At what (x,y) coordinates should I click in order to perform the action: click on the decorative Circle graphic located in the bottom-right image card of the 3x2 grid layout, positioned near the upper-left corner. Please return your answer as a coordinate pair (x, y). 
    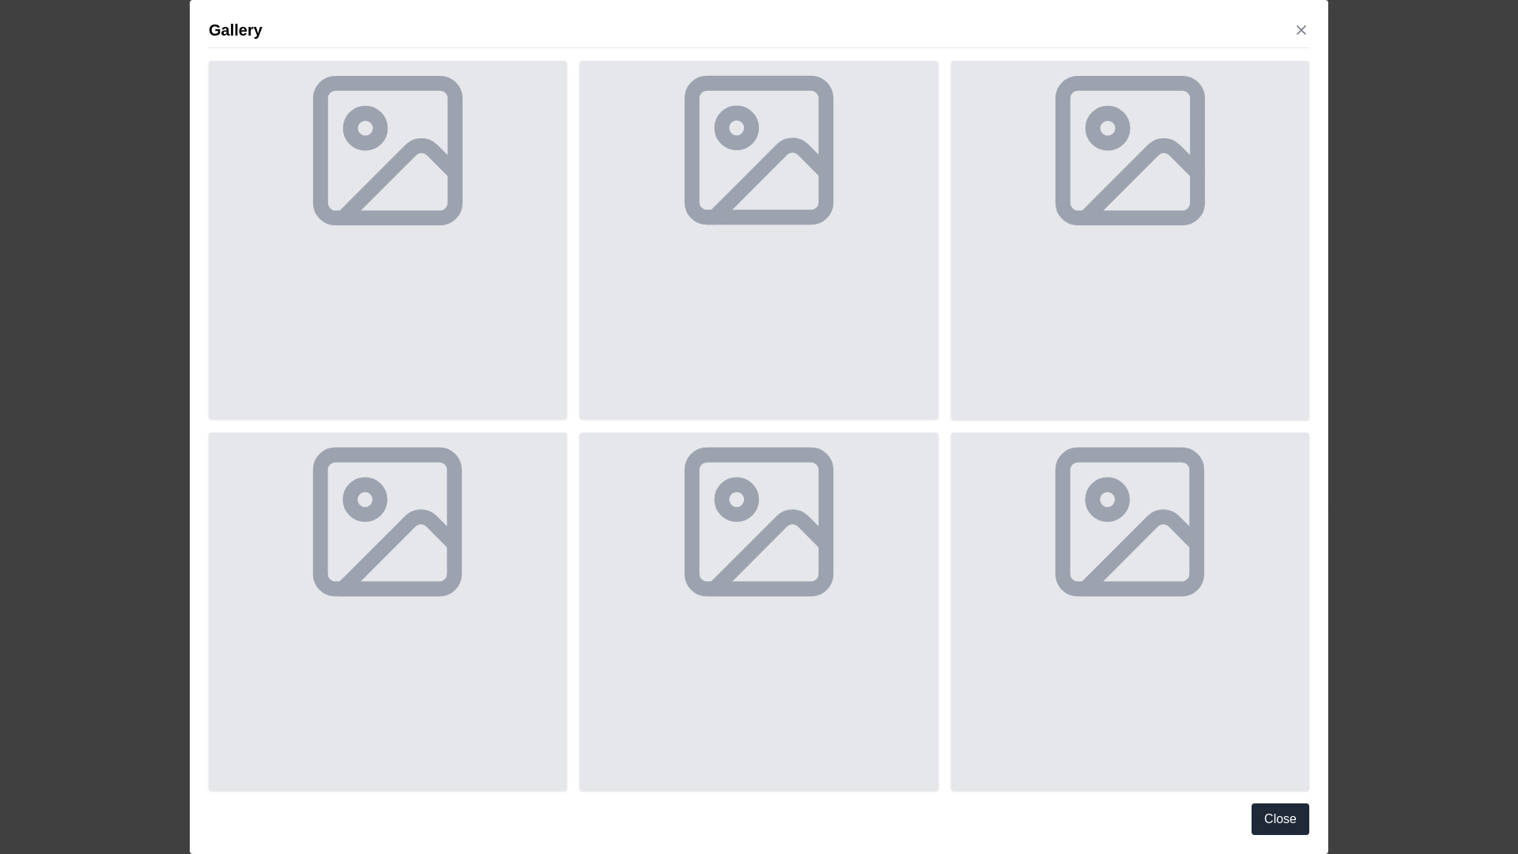
    Looking at the image, I should click on (1107, 499).